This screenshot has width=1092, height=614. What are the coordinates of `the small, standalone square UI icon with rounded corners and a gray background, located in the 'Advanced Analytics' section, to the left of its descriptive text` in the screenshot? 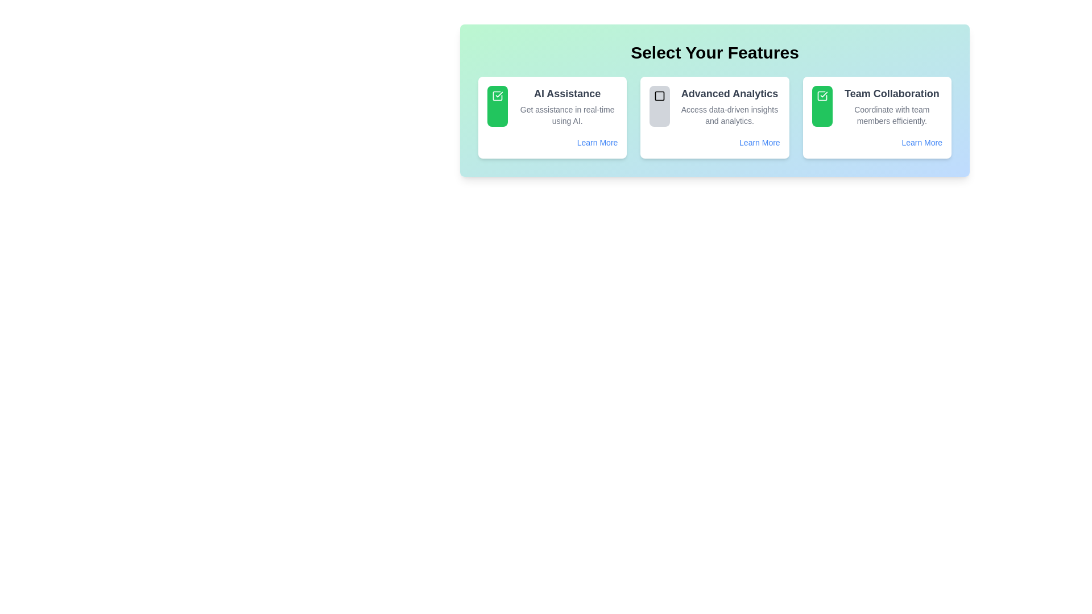 It's located at (660, 106).